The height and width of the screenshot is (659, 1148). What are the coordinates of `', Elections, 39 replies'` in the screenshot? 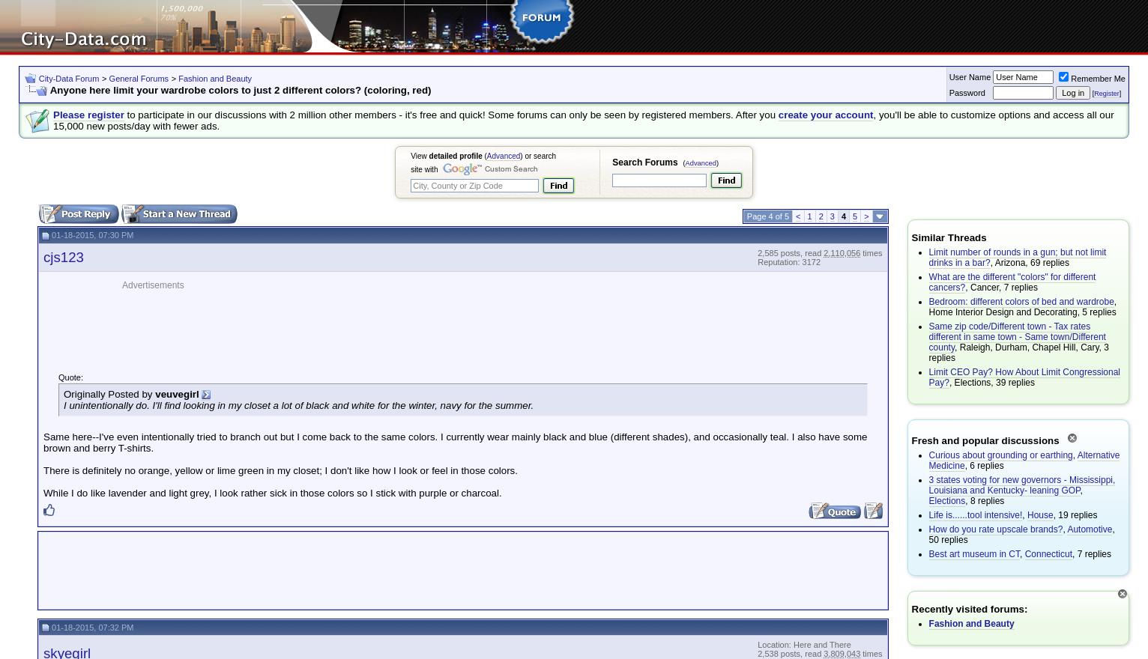 It's located at (991, 383).